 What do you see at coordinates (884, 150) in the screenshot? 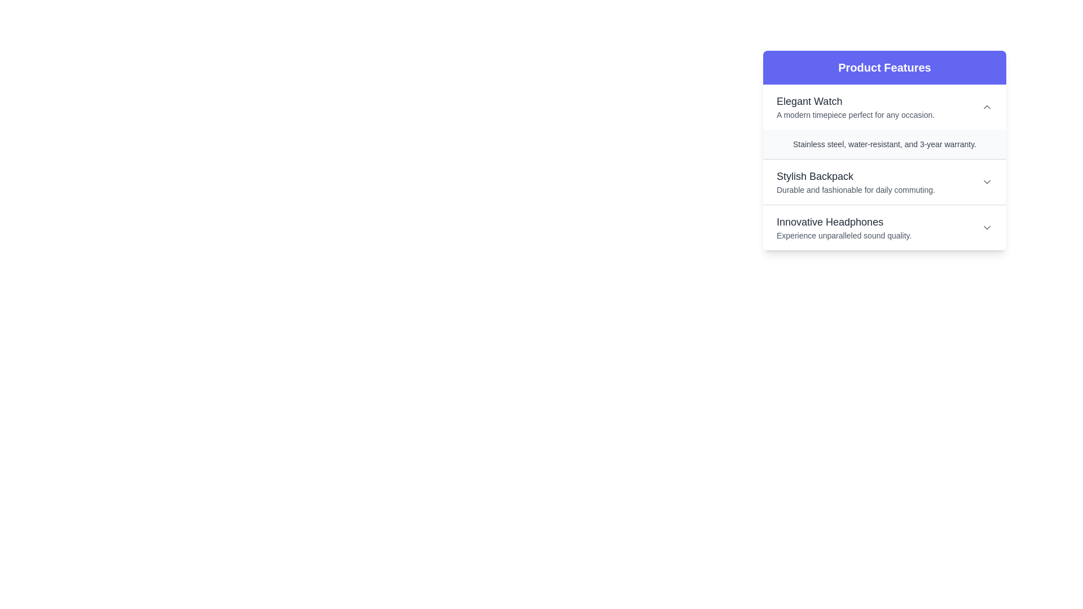
I see `the Text Content Box that contains the heading 'Stainless steel, water-resistant, and 3-year warranty.' positioned below the title 'Elegant Watch'` at bounding box center [884, 150].